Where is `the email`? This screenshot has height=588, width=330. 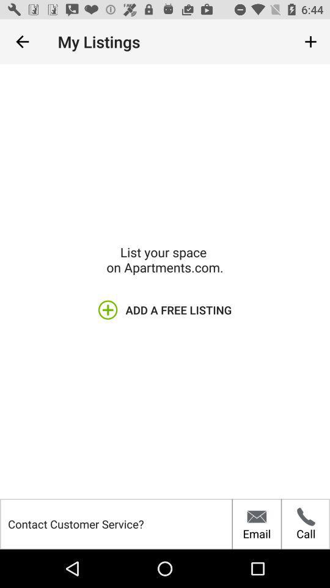
the email is located at coordinates (256, 523).